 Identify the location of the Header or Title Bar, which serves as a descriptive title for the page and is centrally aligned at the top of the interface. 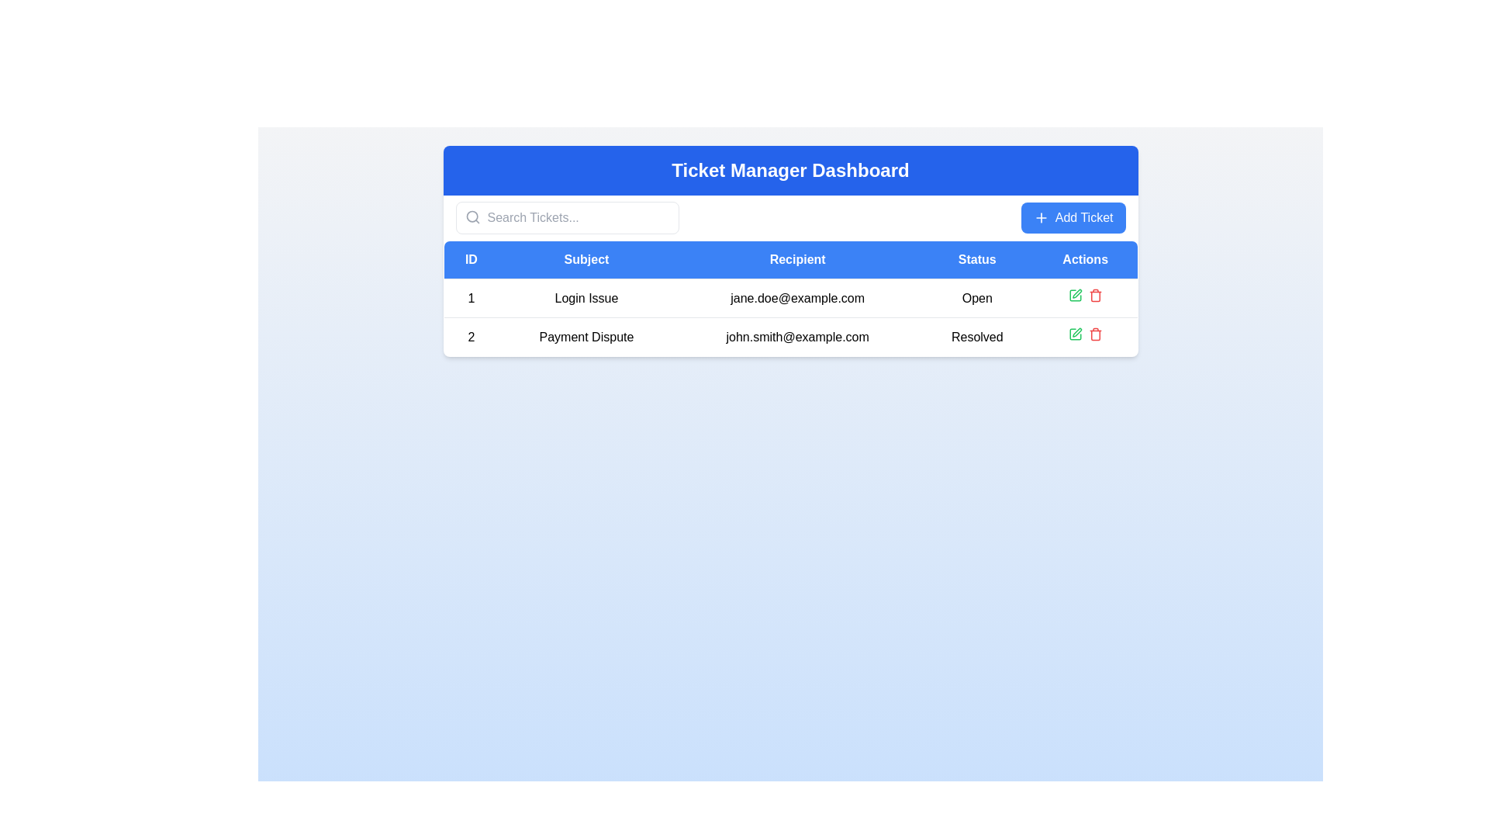
(790, 170).